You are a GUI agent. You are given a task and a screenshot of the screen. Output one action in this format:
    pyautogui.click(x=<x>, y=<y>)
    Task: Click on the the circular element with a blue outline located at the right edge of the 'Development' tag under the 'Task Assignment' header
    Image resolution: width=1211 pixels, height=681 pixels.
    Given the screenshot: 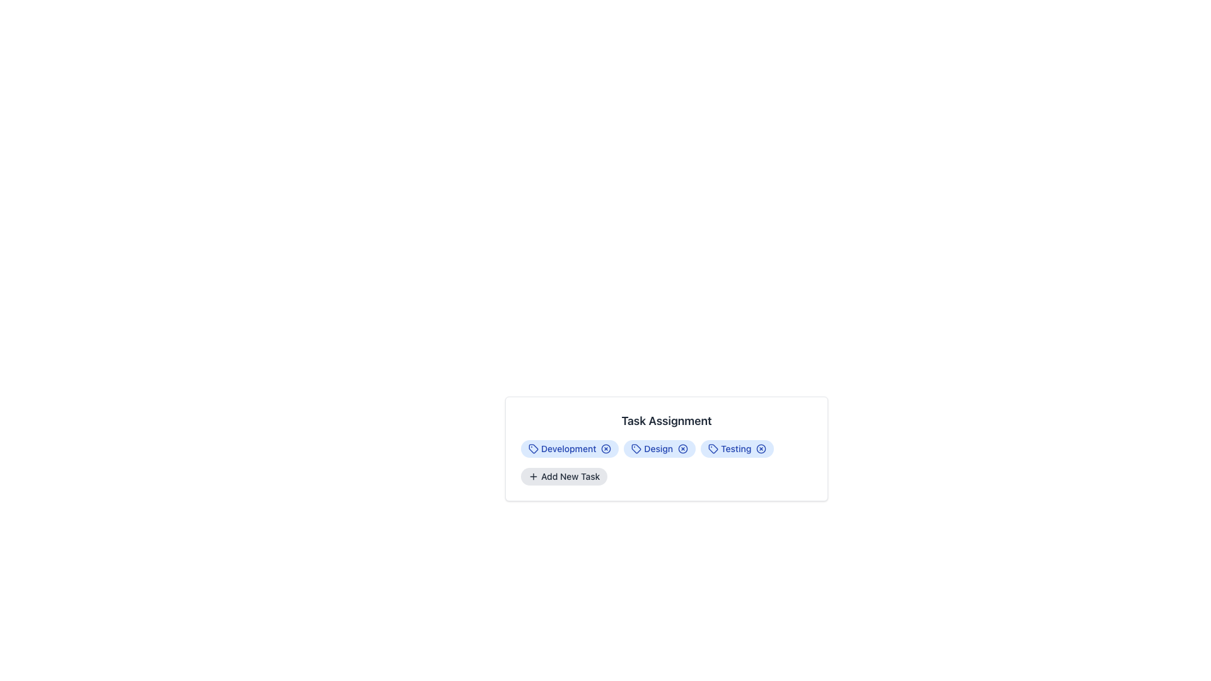 What is the action you would take?
    pyautogui.click(x=606, y=448)
    